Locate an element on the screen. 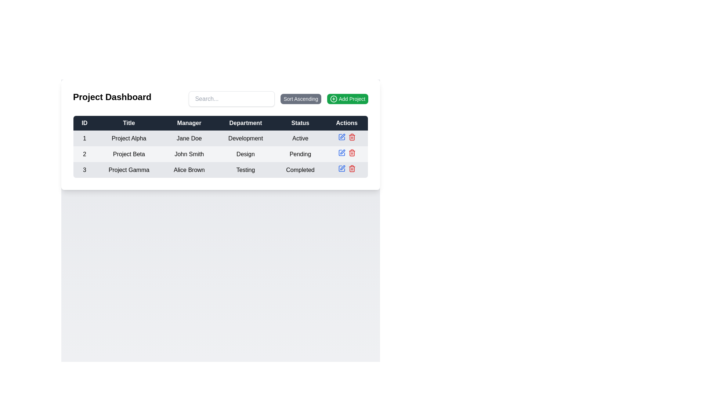 The width and height of the screenshot is (705, 396). the last table cell in the row with identifier '2' for the 'Project Beta' project, located in the 'Actions' column is located at coordinates (346, 154).